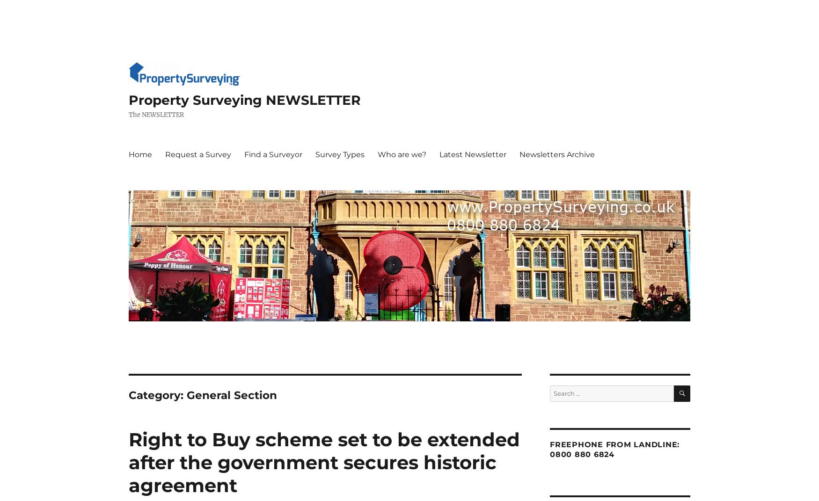  I want to click on 'Survey Types', so click(314, 153).